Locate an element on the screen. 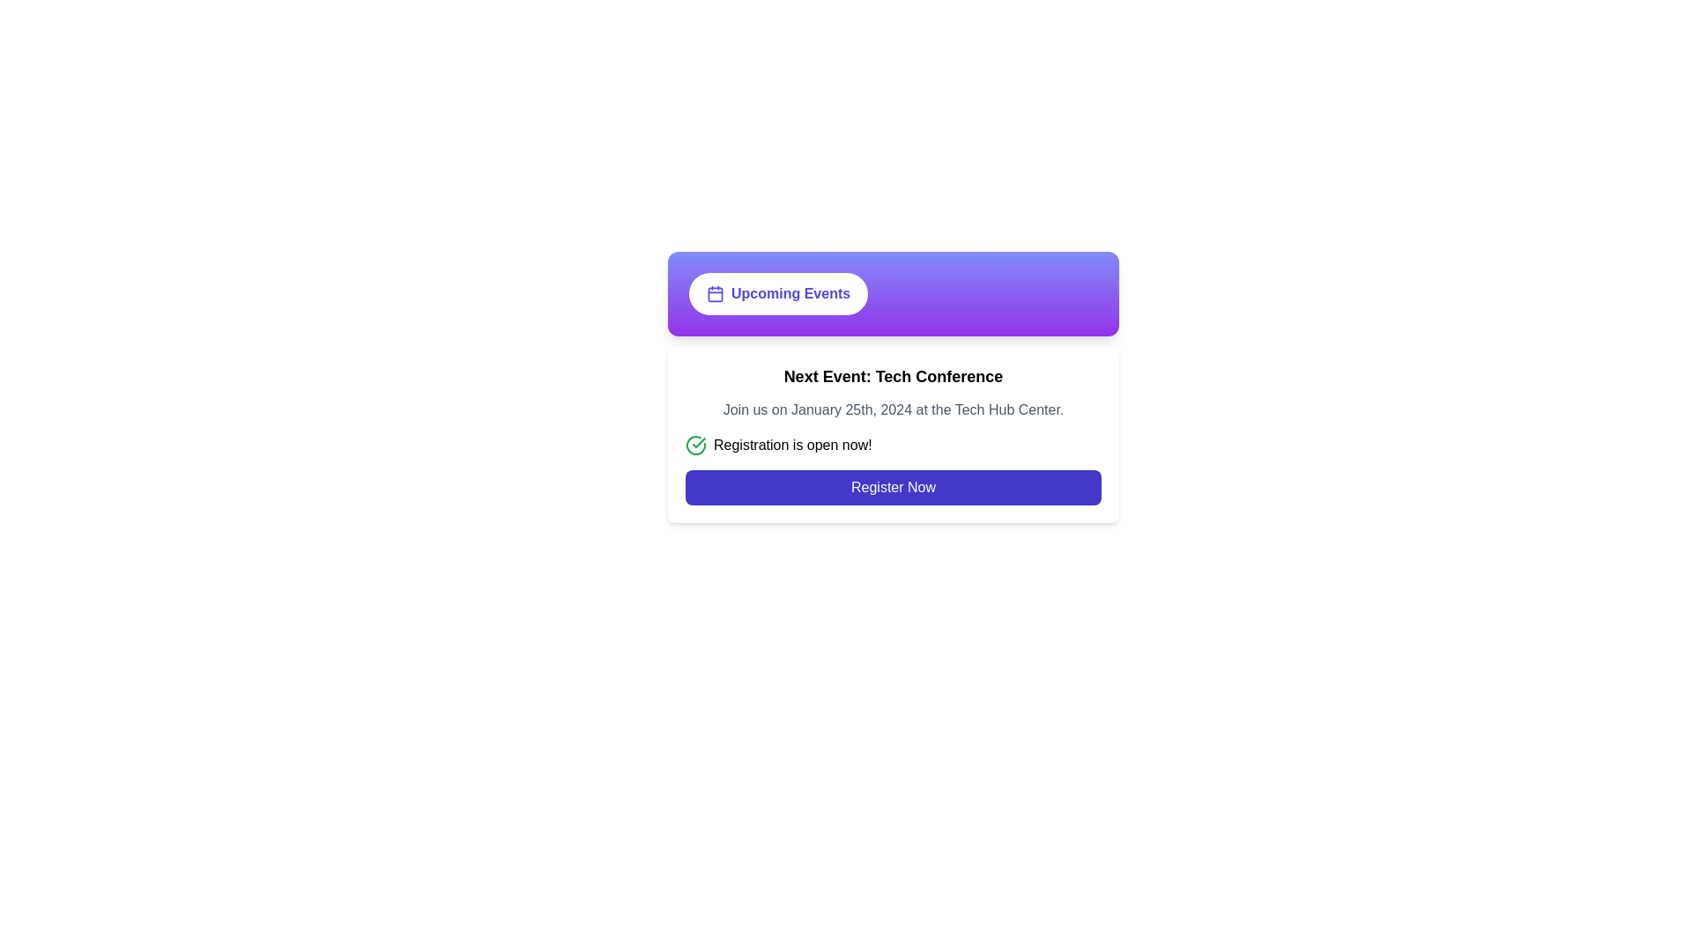 This screenshot has height=951, width=1692. the text label displaying 'Next Event: Tech Conference', which is styled as a prominent headline in bold black font, located below the 'Upcoming Events' section is located at coordinates (893, 376).